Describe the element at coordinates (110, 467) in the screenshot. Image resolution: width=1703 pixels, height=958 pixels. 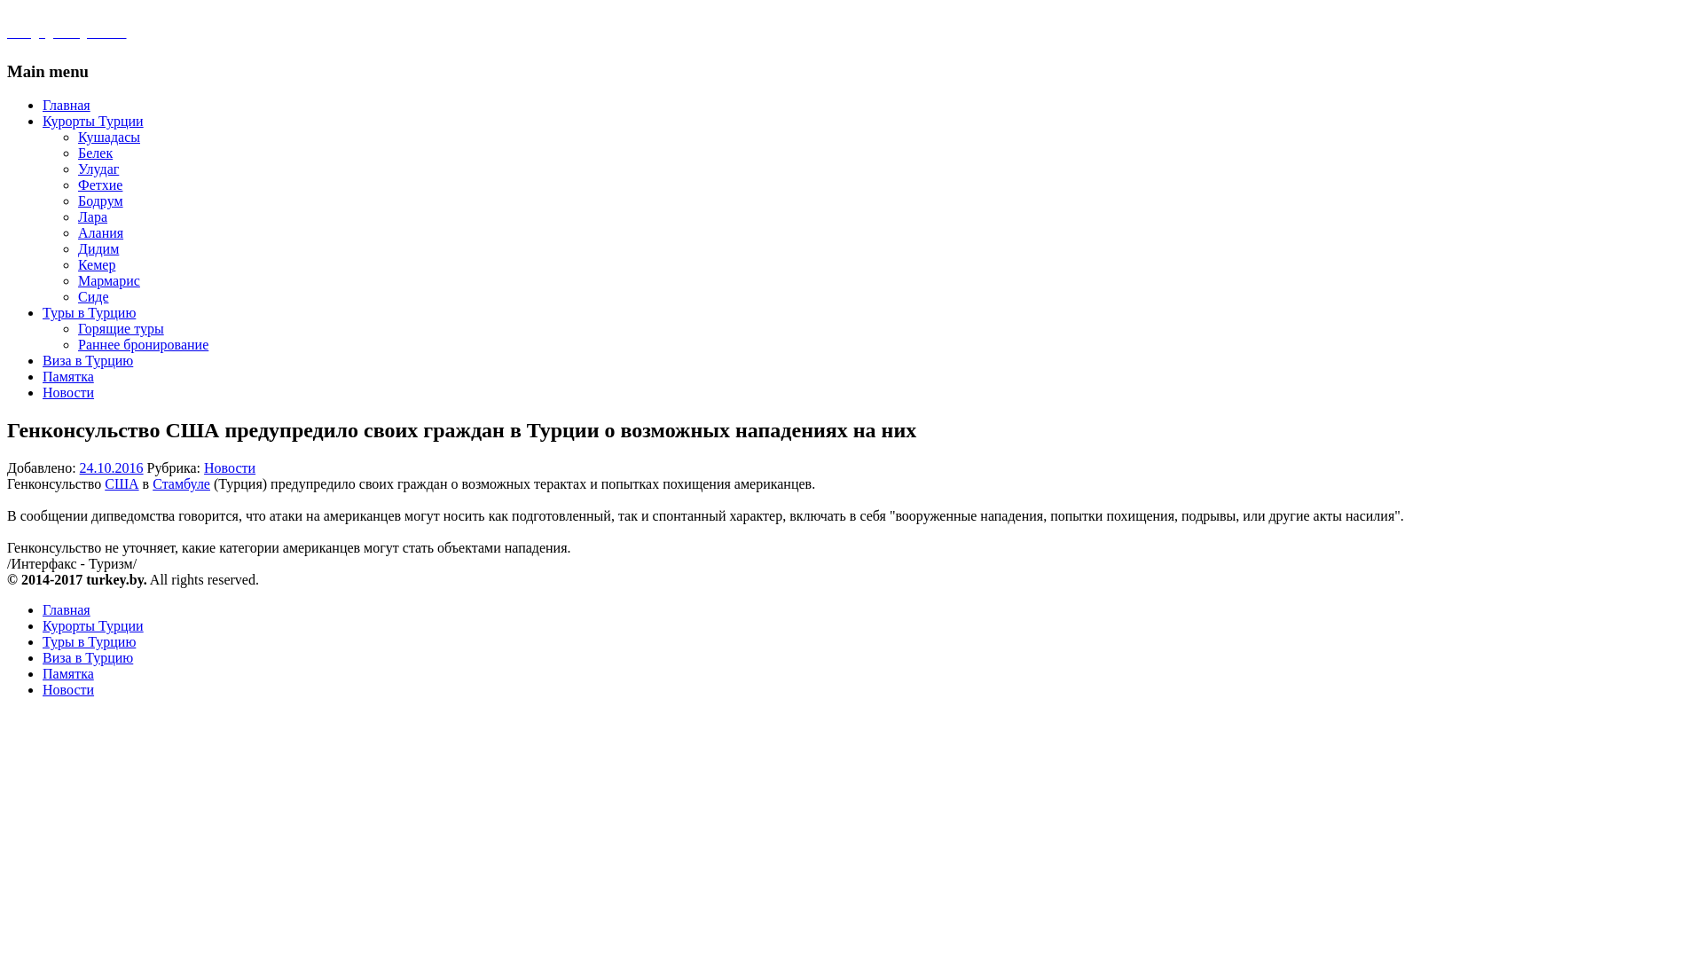
I see `'24.10.2016'` at that location.